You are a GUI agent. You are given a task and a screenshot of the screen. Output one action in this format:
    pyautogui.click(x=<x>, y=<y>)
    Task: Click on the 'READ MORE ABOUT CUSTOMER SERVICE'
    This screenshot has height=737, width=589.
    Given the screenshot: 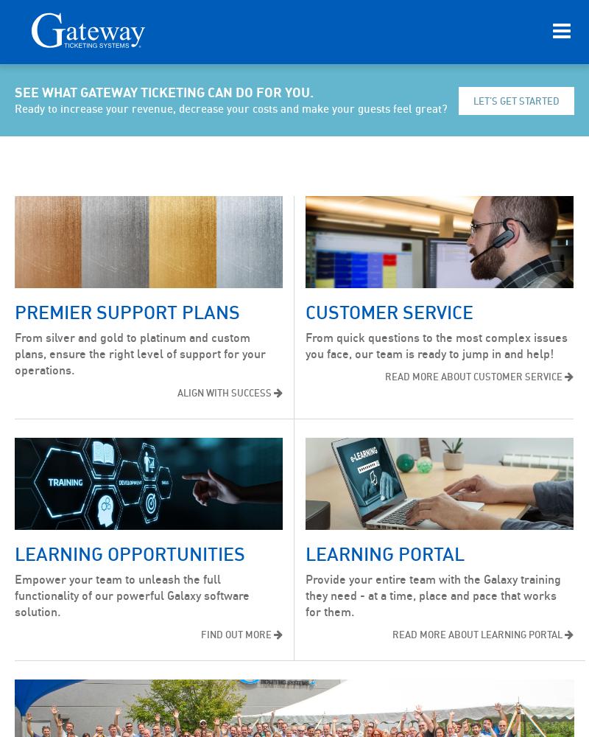 What is the action you would take?
    pyautogui.click(x=473, y=377)
    